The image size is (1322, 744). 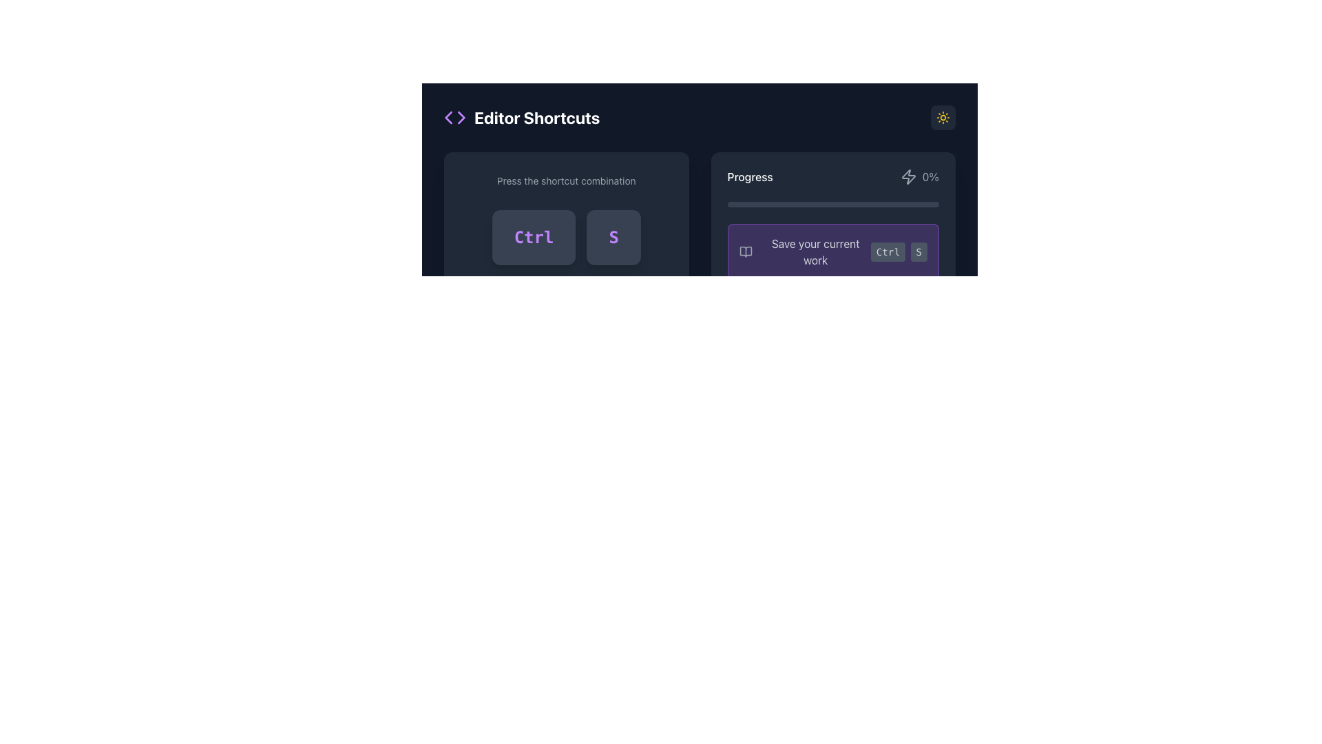 What do you see at coordinates (942, 116) in the screenshot?
I see `the sun icon button located at the top-right corner of the header` at bounding box center [942, 116].